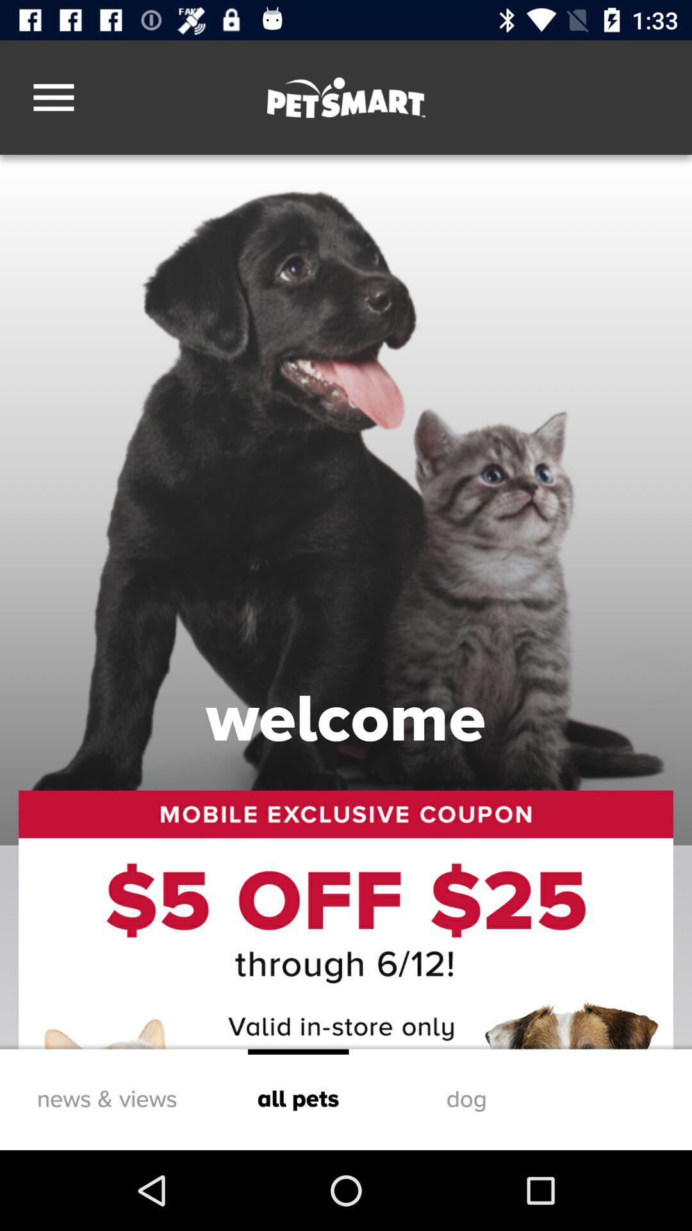  What do you see at coordinates (298, 1099) in the screenshot?
I see `the all pets` at bounding box center [298, 1099].